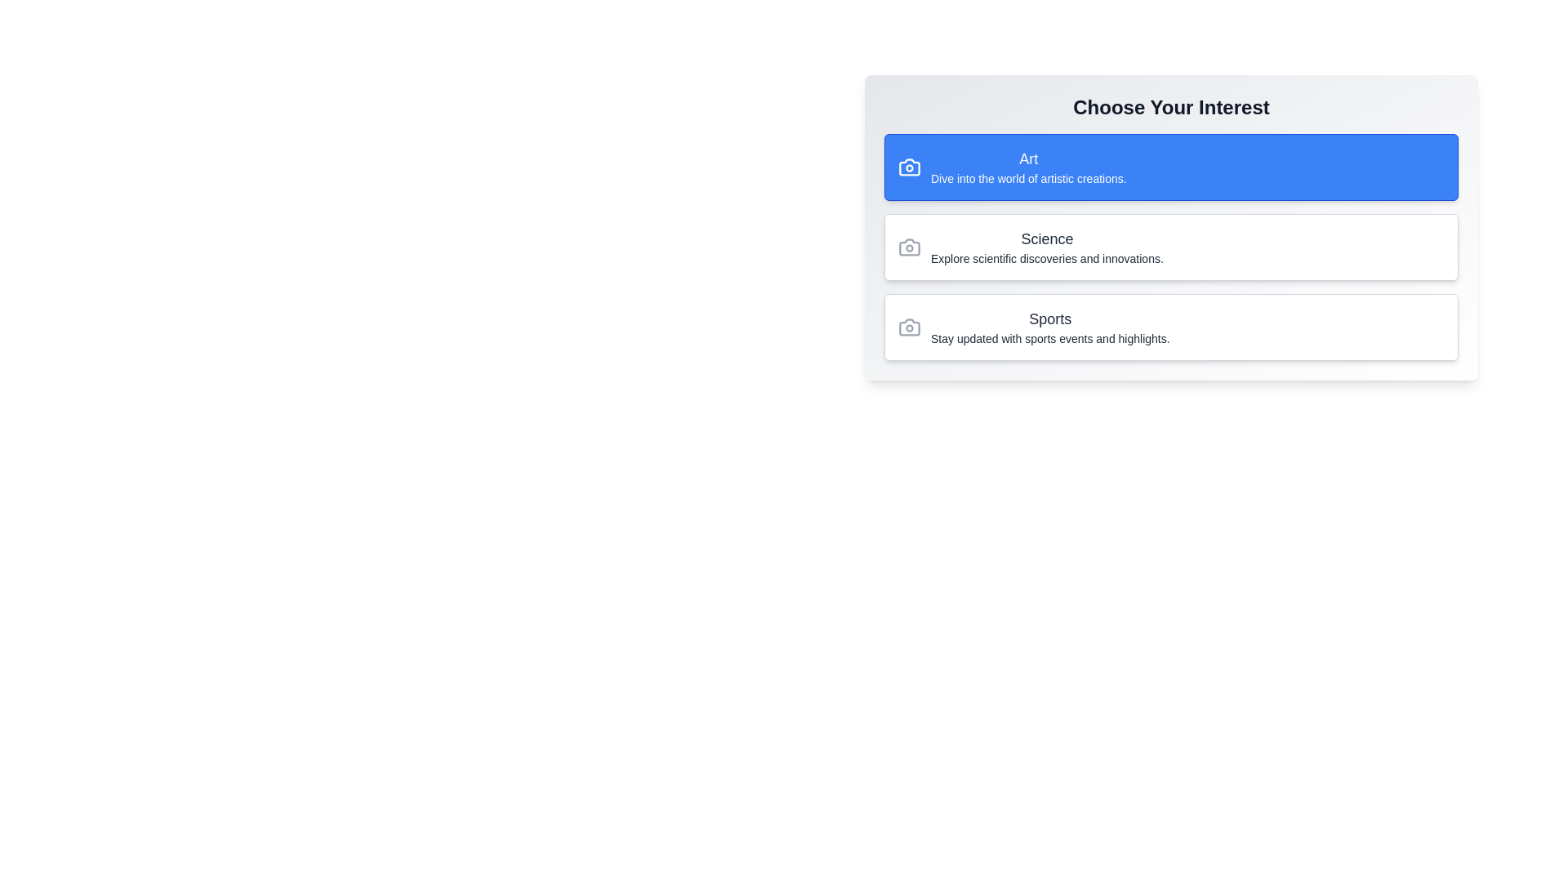 The width and height of the screenshot is (1568, 882). I want to click on the interactive card for the 'Science' category, so click(1170, 247).